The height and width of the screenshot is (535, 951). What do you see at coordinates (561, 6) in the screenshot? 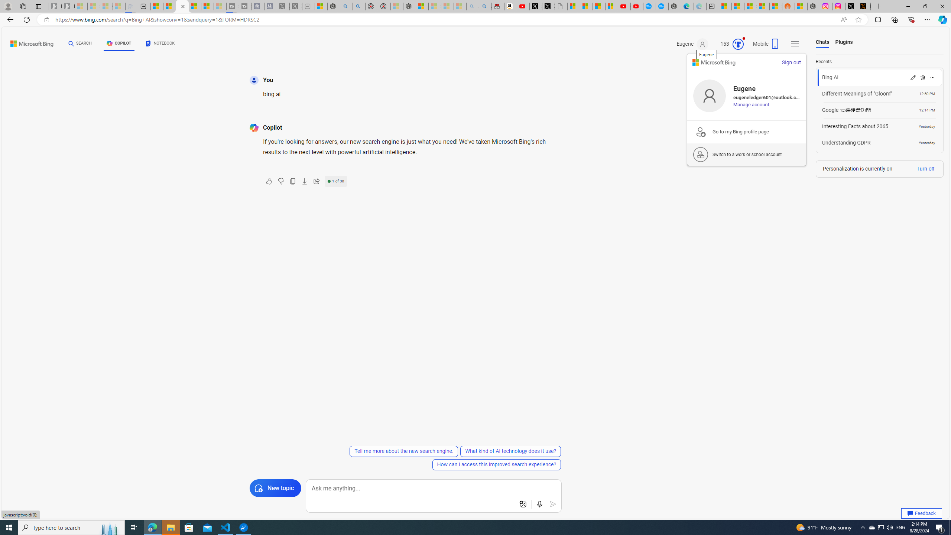
I see `'Untitled'` at bounding box center [561, 6].